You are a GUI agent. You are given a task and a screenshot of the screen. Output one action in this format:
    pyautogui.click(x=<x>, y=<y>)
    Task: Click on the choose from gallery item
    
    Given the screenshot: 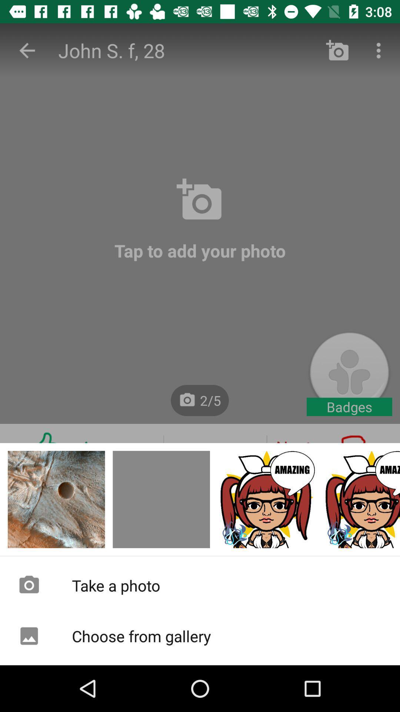 What is the action you would take?
    pyautogui.click(x=200, y=636)
    